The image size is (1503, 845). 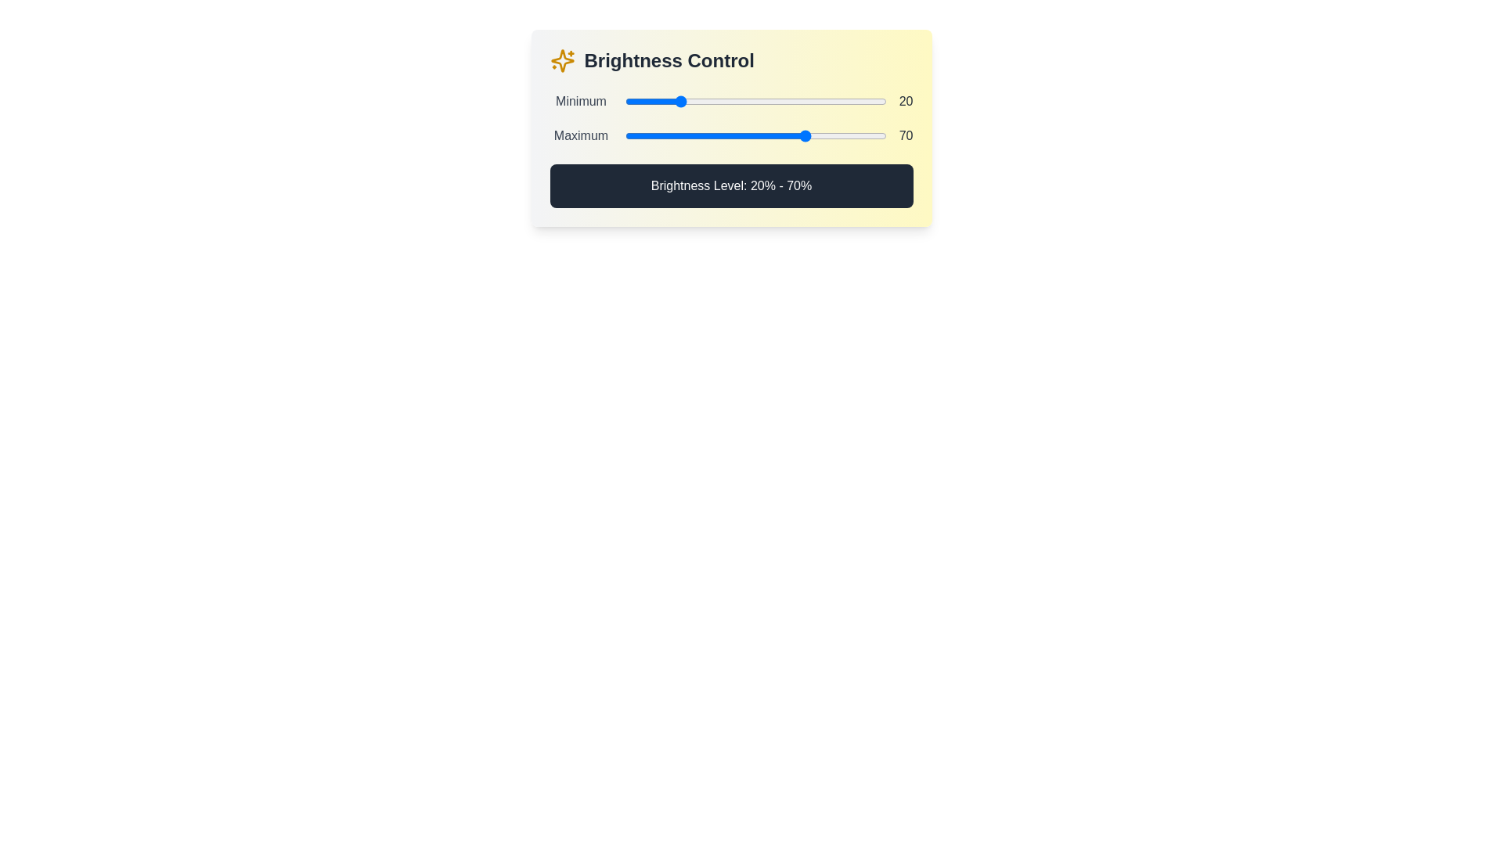 I want to click on the minimum brightness level to 12% by interacting with the first slider, so click(x=656, y=102).